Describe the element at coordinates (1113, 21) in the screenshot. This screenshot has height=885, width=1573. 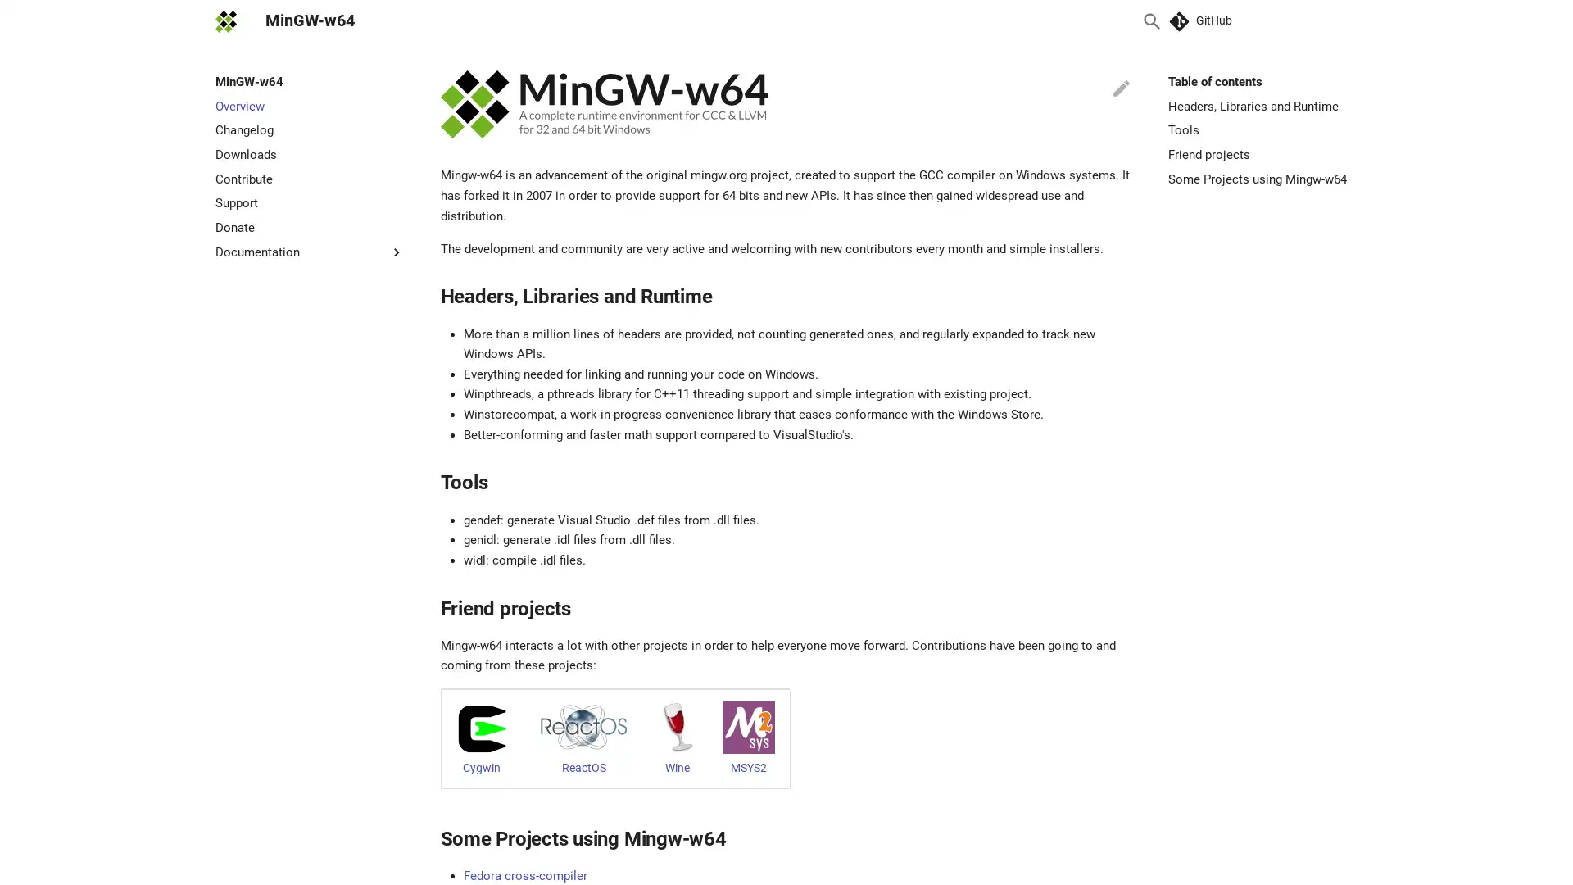
I see `Clear` at that location.